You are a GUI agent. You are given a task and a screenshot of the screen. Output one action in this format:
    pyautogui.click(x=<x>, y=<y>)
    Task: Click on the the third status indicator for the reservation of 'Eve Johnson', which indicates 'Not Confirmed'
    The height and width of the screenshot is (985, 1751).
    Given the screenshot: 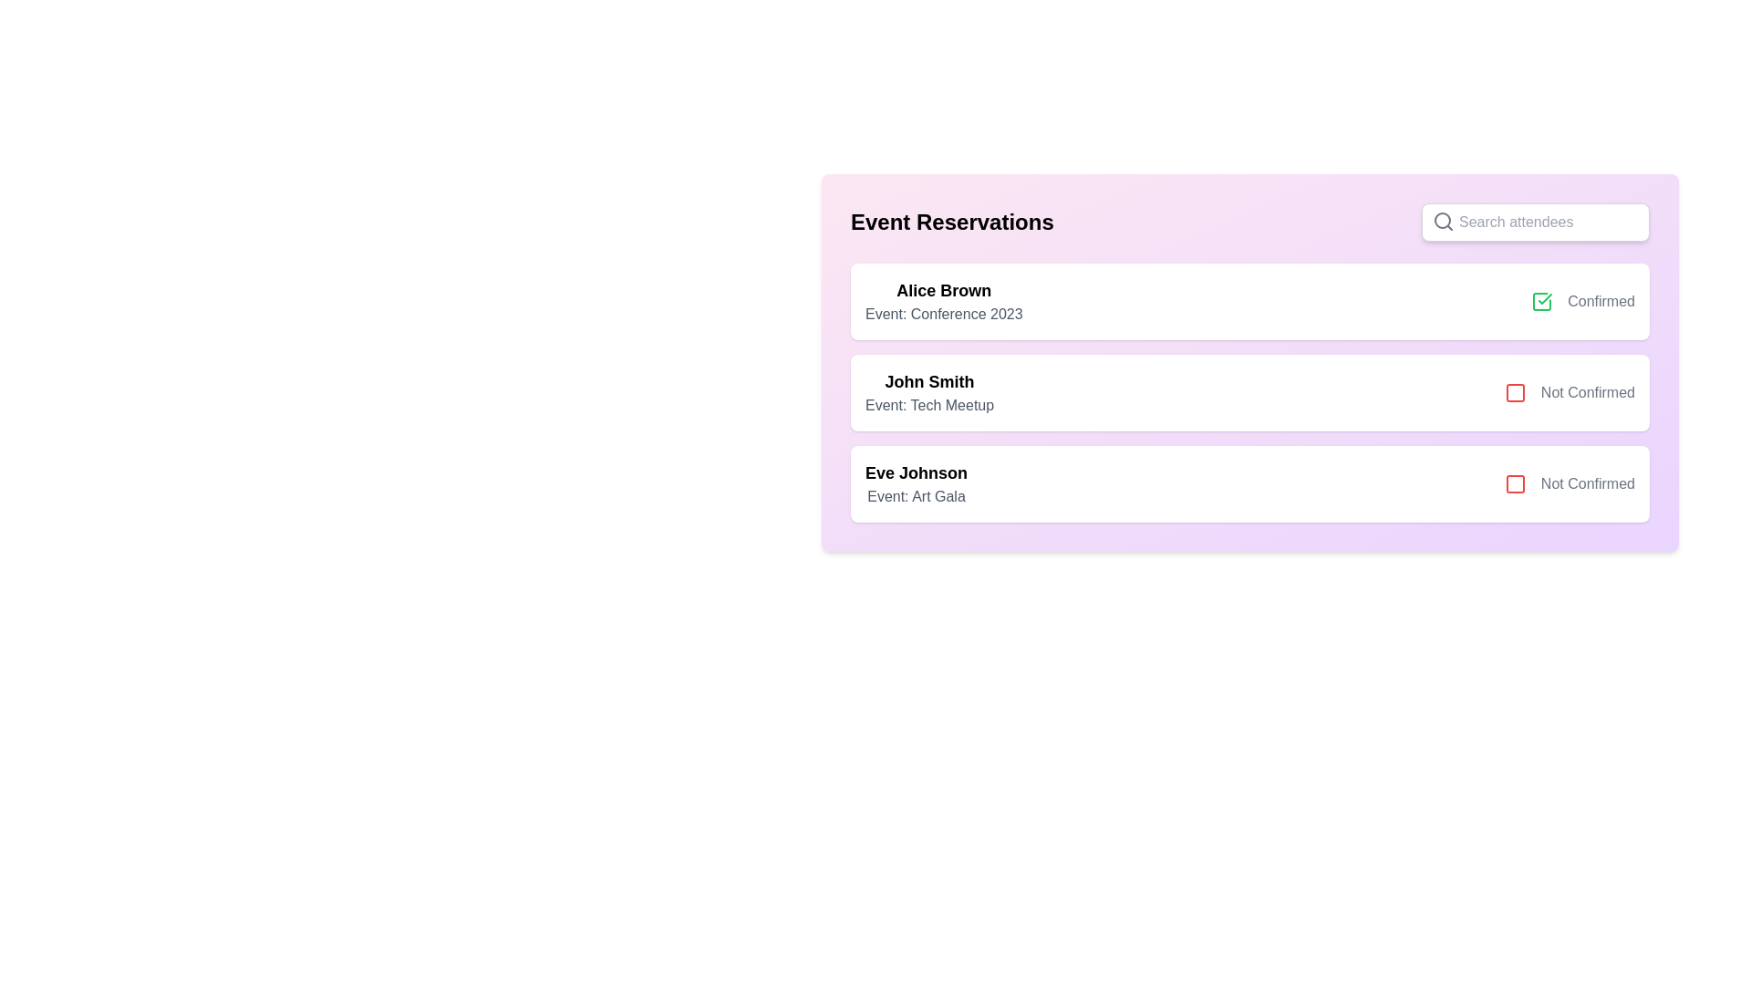 What is the action you would take?
    pyautogui.click(x=1569, y=483)
    